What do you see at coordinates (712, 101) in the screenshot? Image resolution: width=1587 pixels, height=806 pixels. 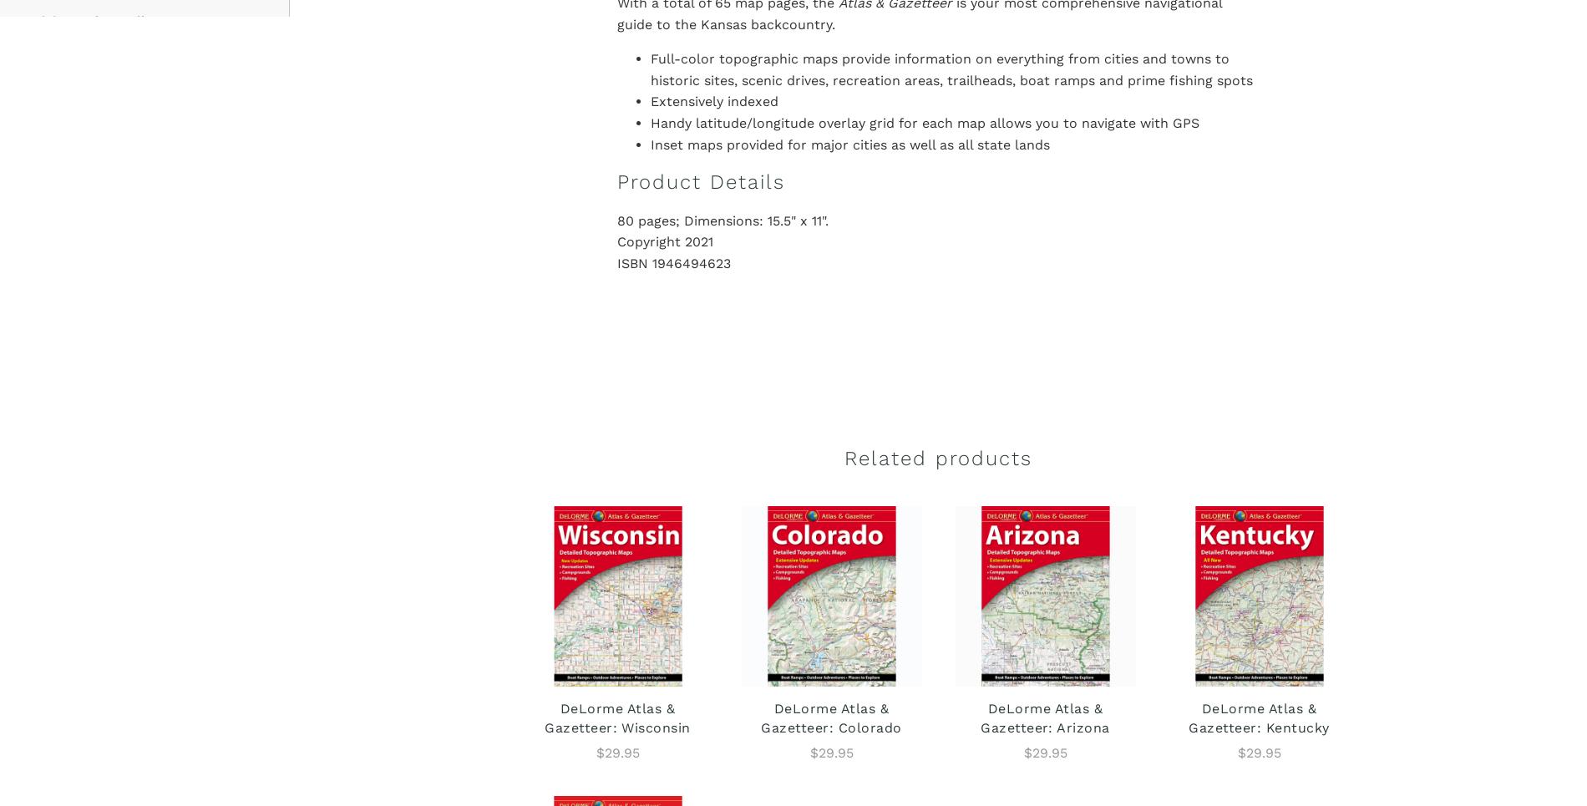 I see `'Extensively indexed'` at bounding box center [712, 101].